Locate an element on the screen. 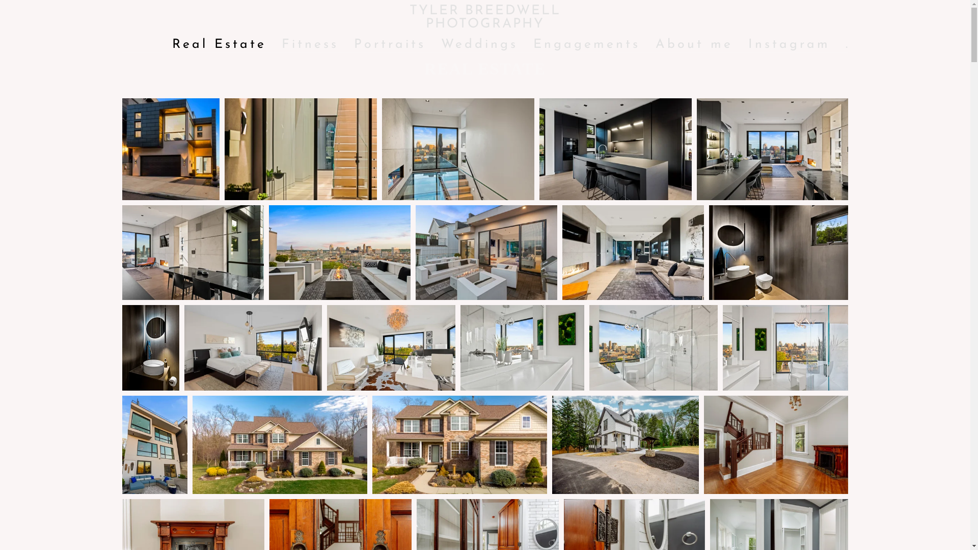  'About me' is located at coordinates (694, 44).